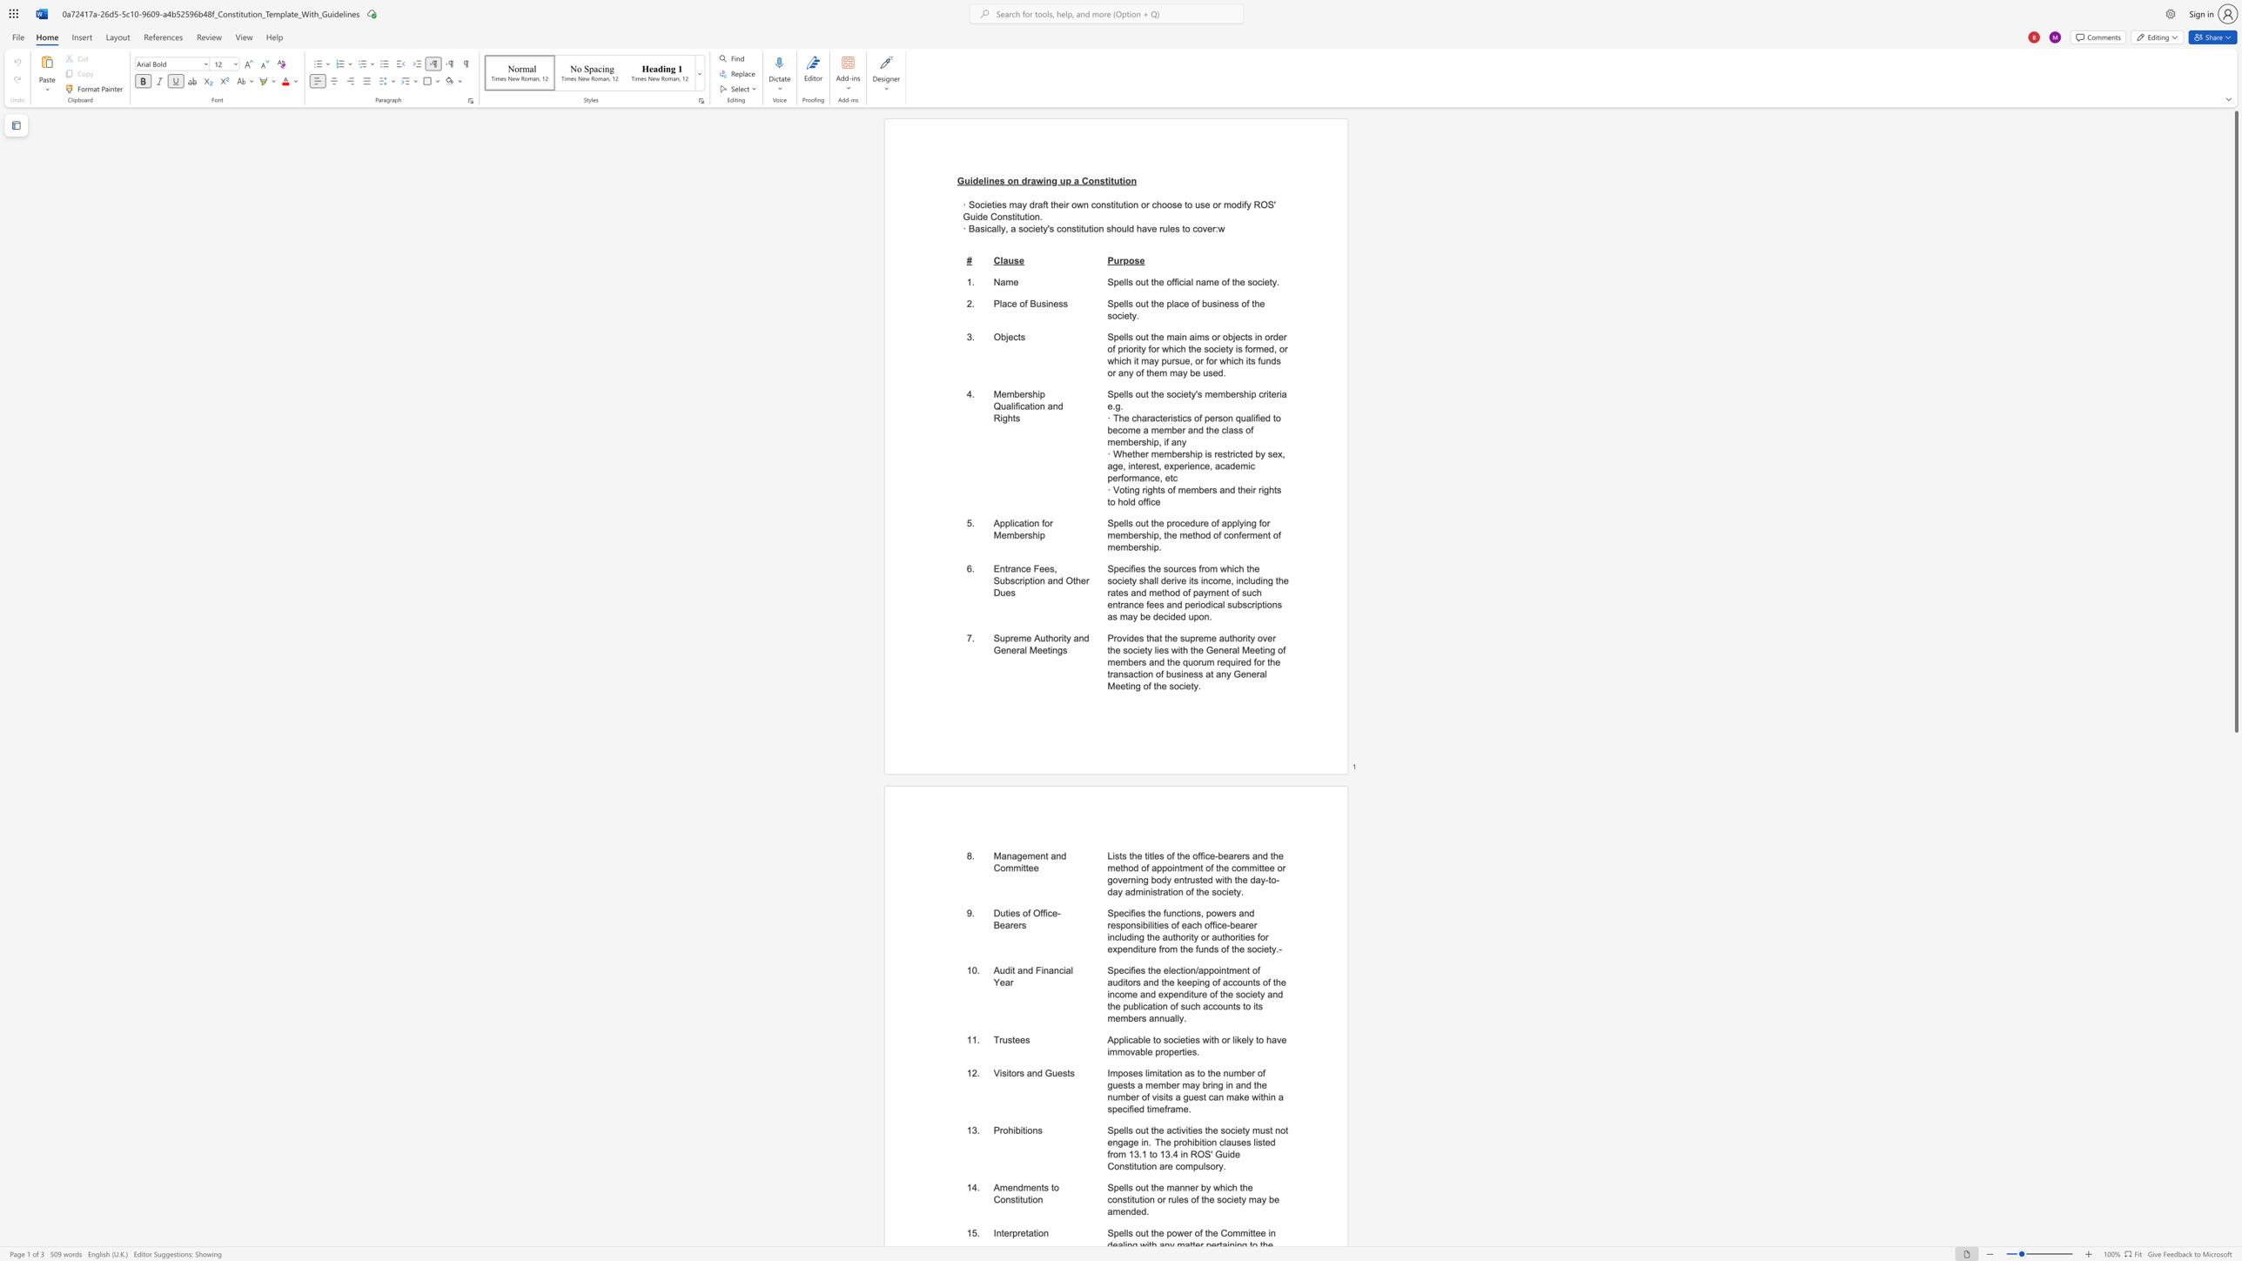 This screenshot has width=2242, height=1261. What do you see at coordinates (2235, 950) in the screenshot?
I see `the scrollbar on the side` at bounding box center [2235, 950].